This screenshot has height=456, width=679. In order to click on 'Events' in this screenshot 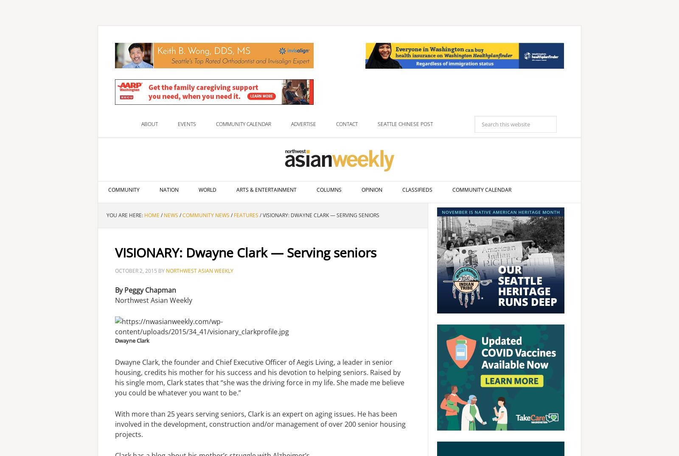, I will do `click(177, 124)`.